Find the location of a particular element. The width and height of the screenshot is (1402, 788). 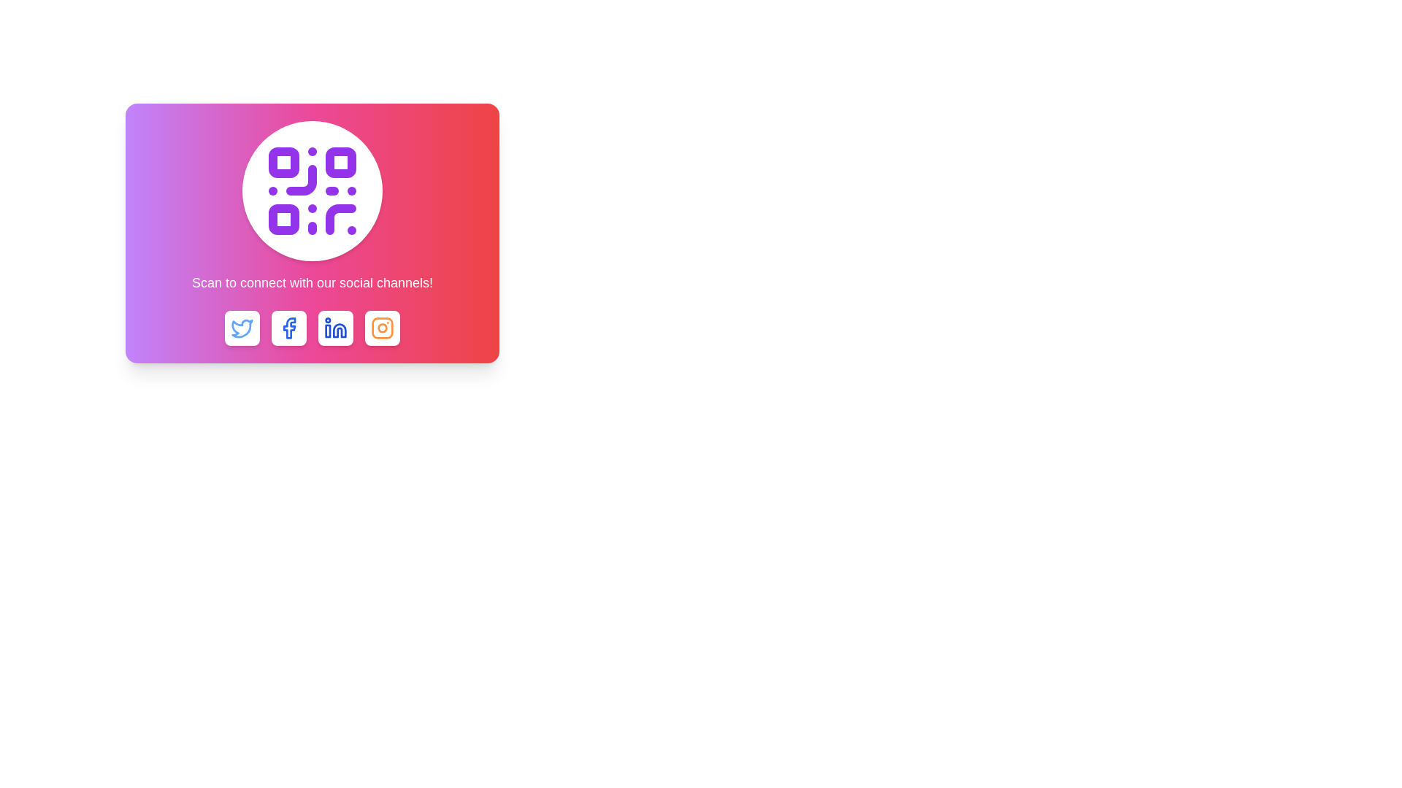

the stylized blue Twitter icon, which is the second icon from the left in the row of social media icons at the lower section of the rectangular card is located at coordinates (242, 328).